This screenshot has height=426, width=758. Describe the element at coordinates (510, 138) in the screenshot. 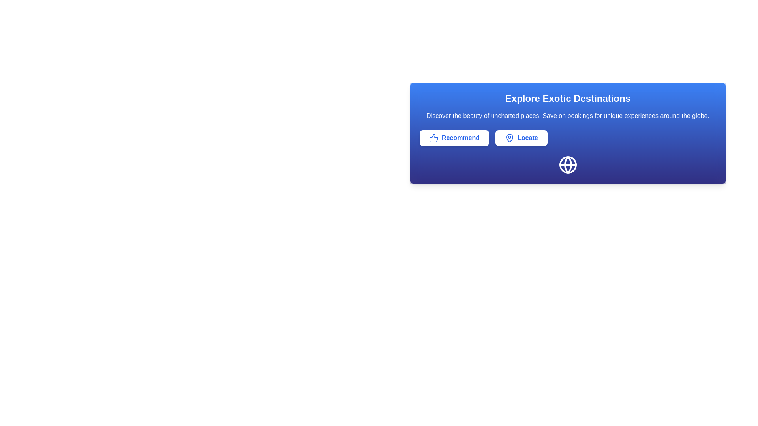

I see `the blue pin icon located within the 'Locate' button on the card, positioned in the middle-right region of the interface, adjacent to the 'Recommend' button` at that location.